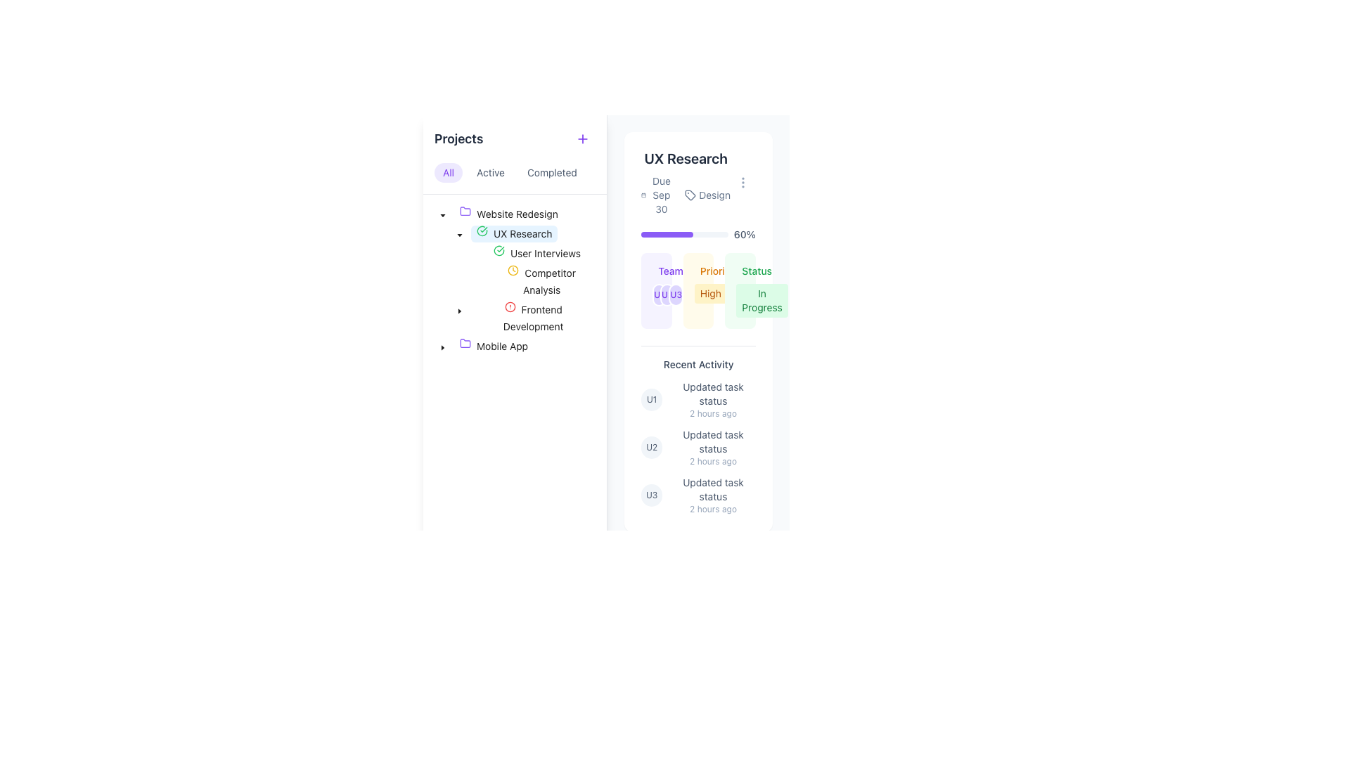  What do you see at coordinates (536, 254) in the screenshot?
I see `the 'User Interviews' label in the left pane under the 'Projects' section` at bounding box center [536, 254].